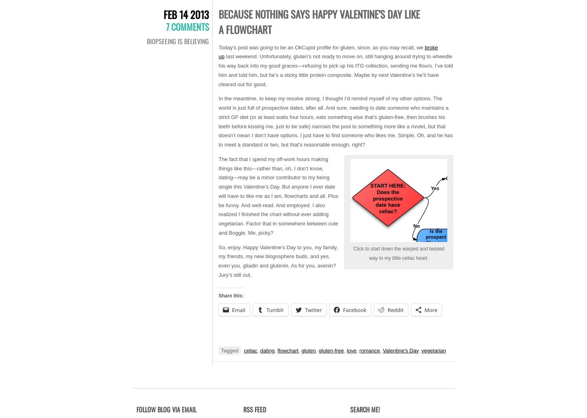  What do you see at coordinates (229, 350) in the screenshot?
I see `'Tagged'` at bounding box center [229, 350].